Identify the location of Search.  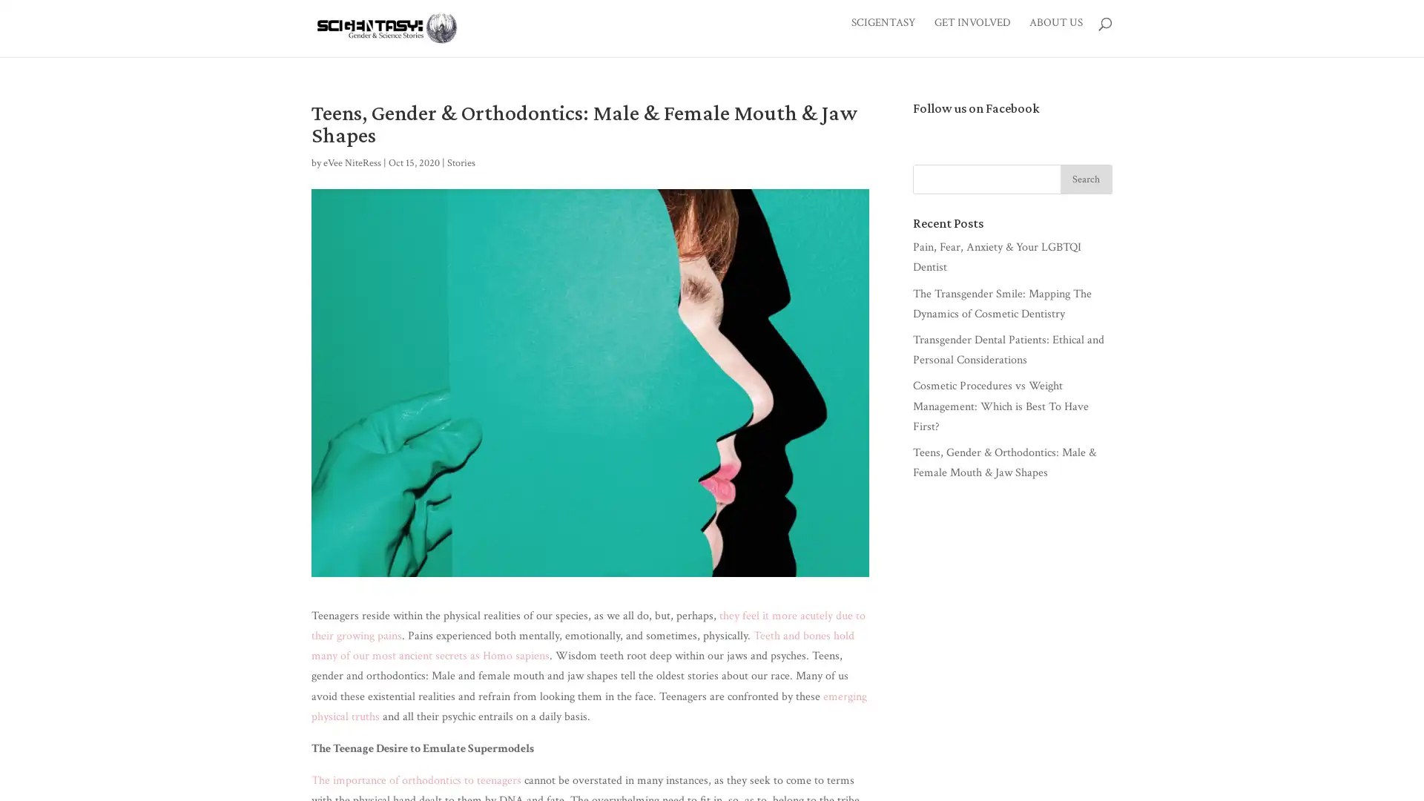
(1086, 177).